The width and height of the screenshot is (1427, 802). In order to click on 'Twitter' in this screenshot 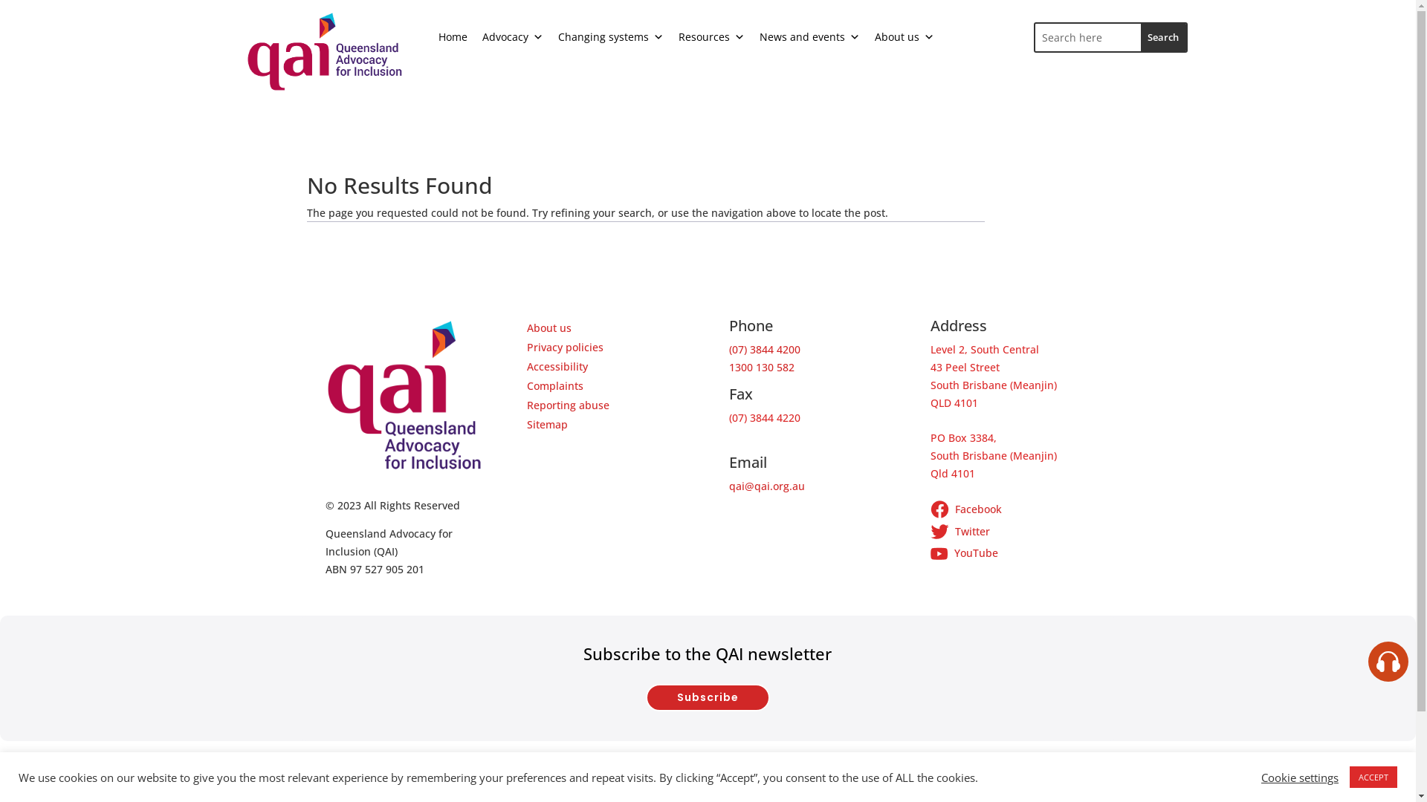, I will do `click(1010, 532)`.